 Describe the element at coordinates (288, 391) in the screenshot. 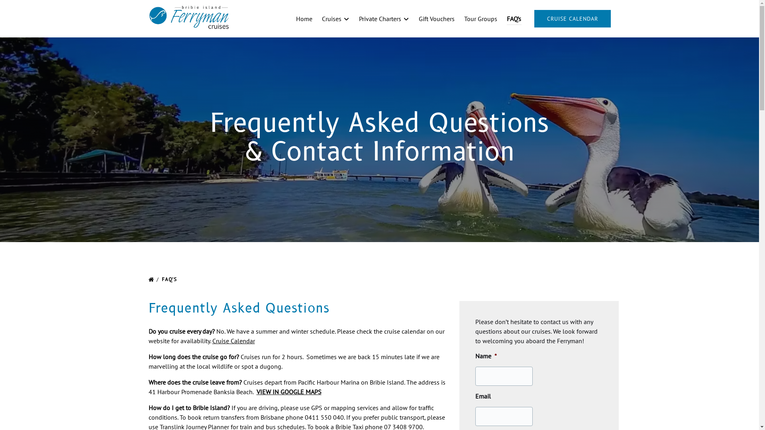

I see `'VIEW IN GOOGLE MAPS'` at that location.